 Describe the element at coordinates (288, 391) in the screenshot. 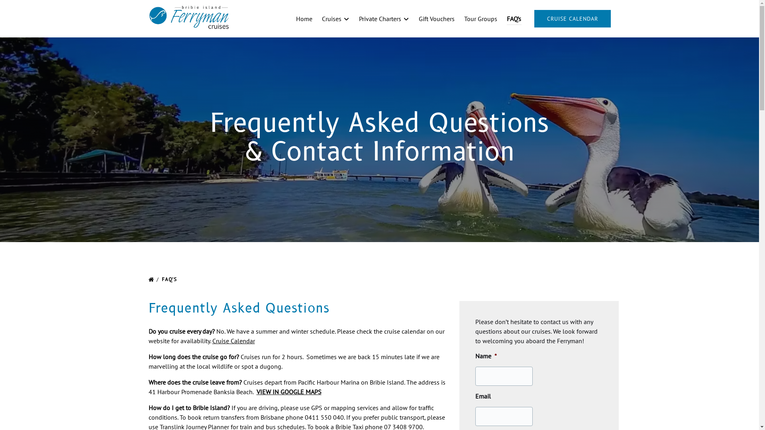

I see `'VIEW IN GOOGLE MAPS'` at that location.